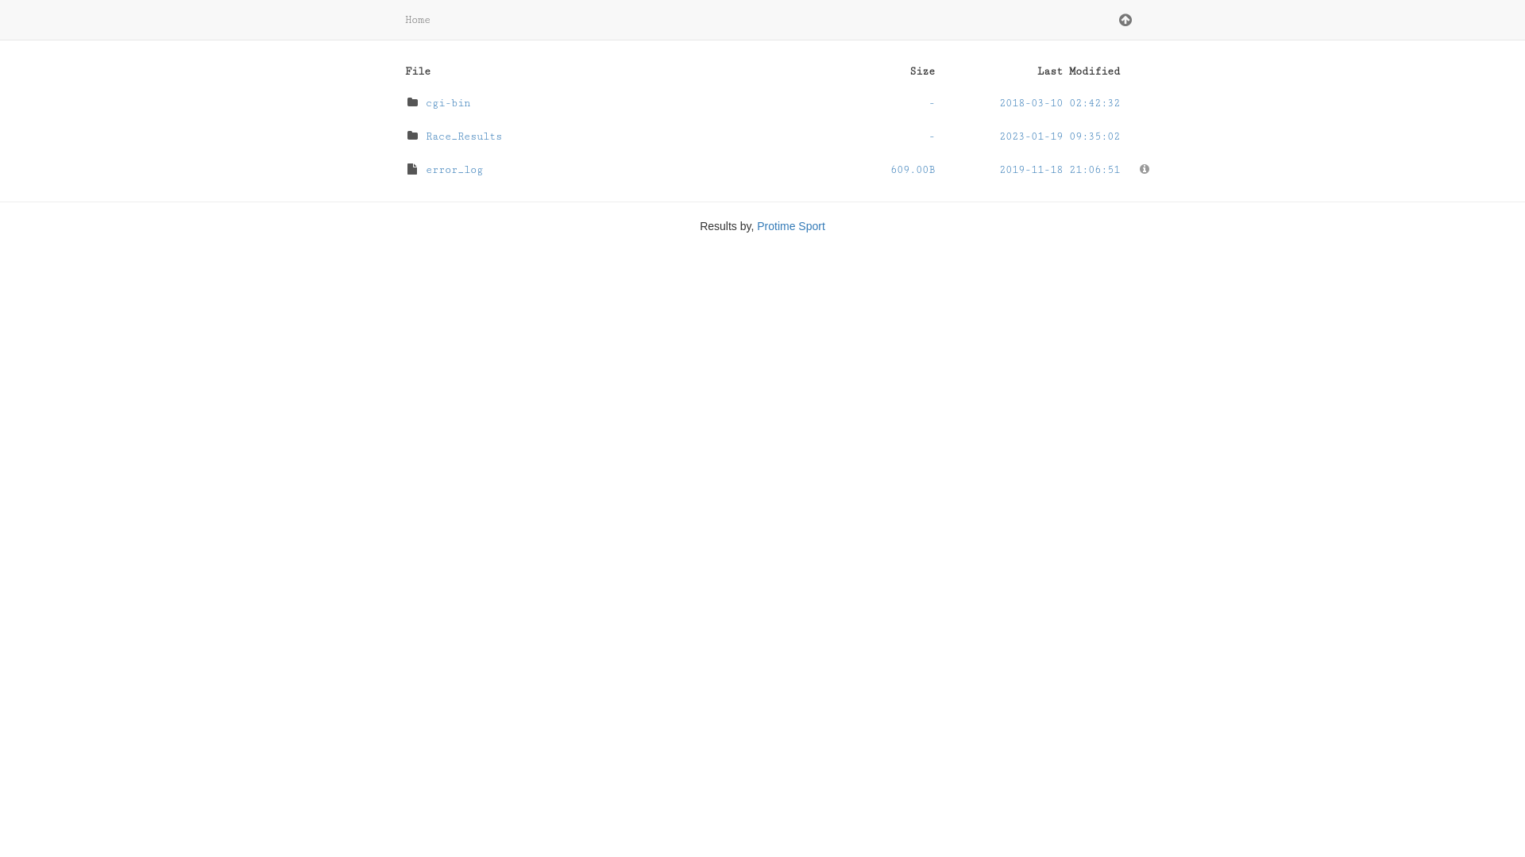 This screenshot has height=857, width=1525. Describe the element at coordinates (762, 169) in the screenshot. I see `'error_log` at that location.